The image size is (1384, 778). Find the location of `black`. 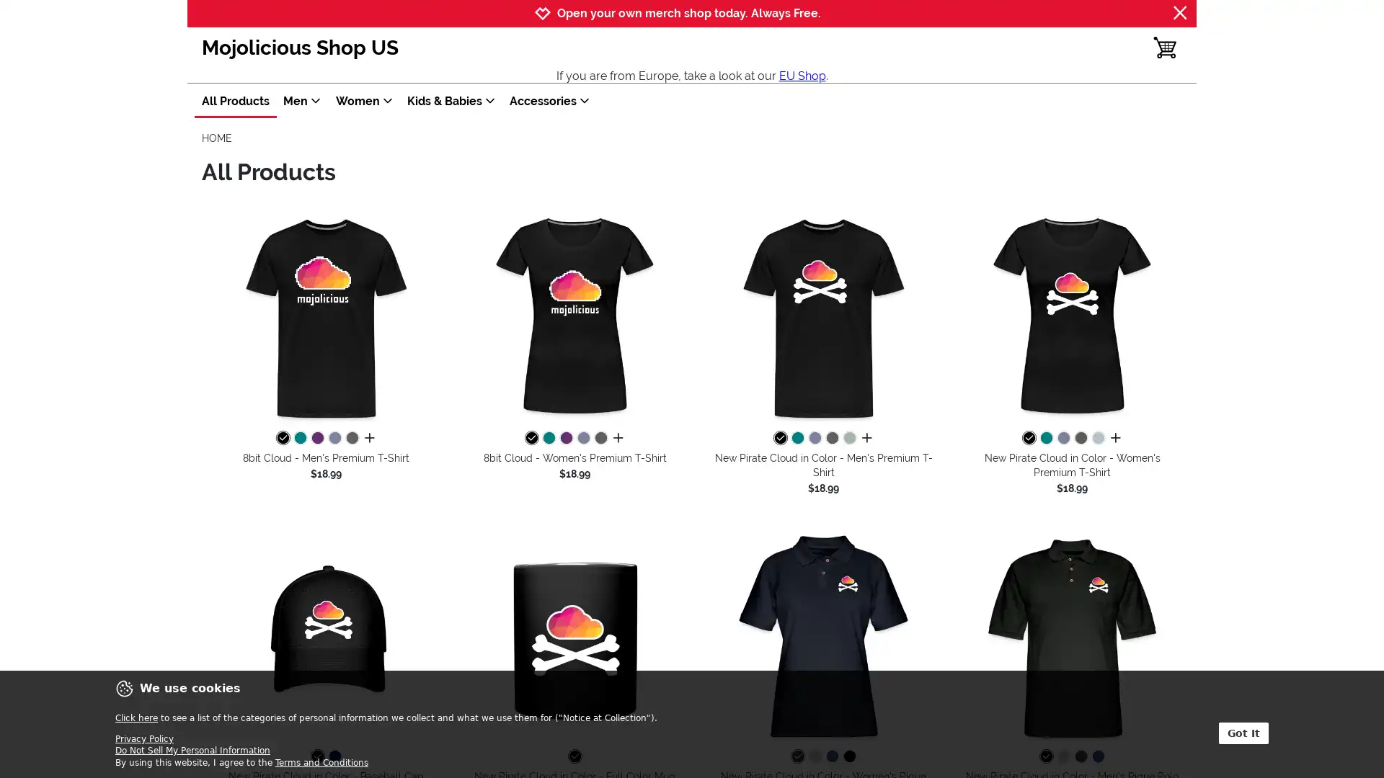

black is located at coordinates (848, 756).